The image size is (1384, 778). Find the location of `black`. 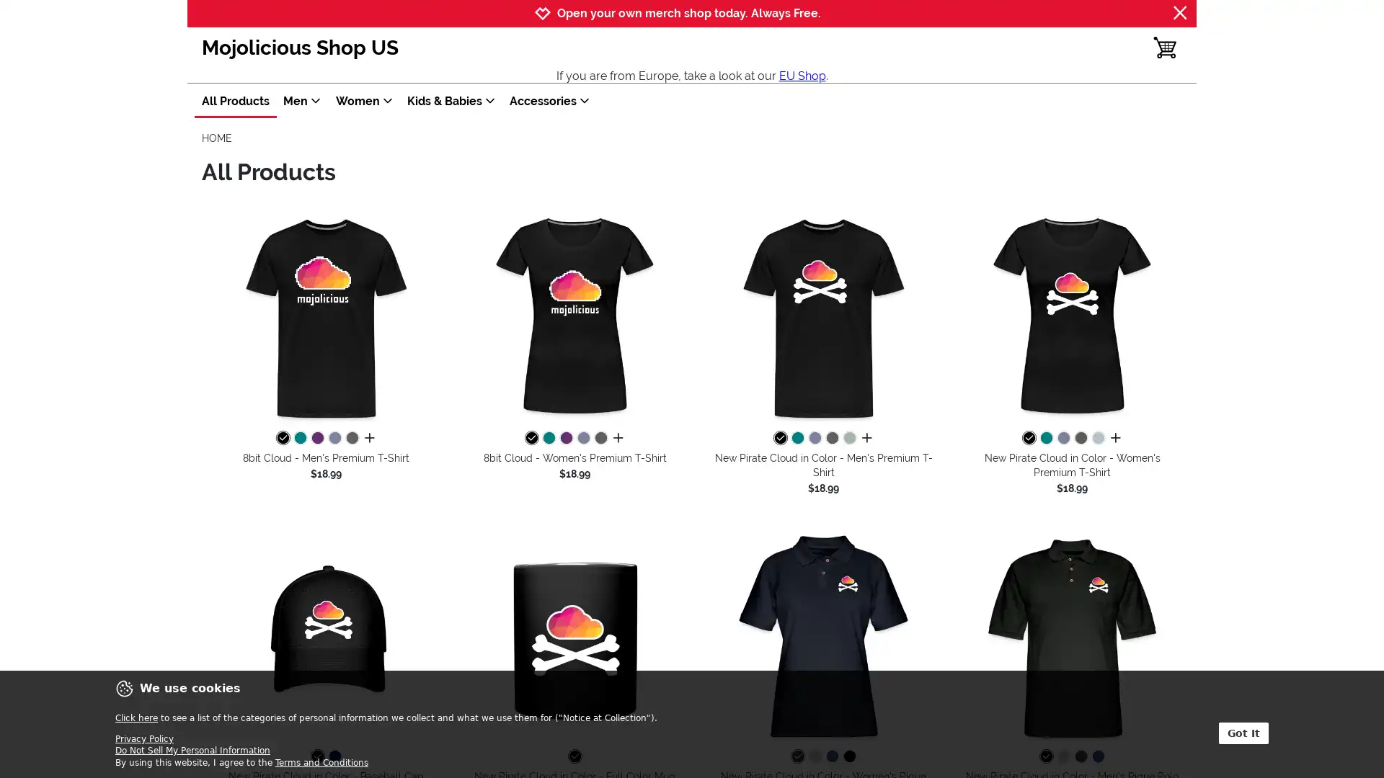

black is located at coordinates (848, 756).